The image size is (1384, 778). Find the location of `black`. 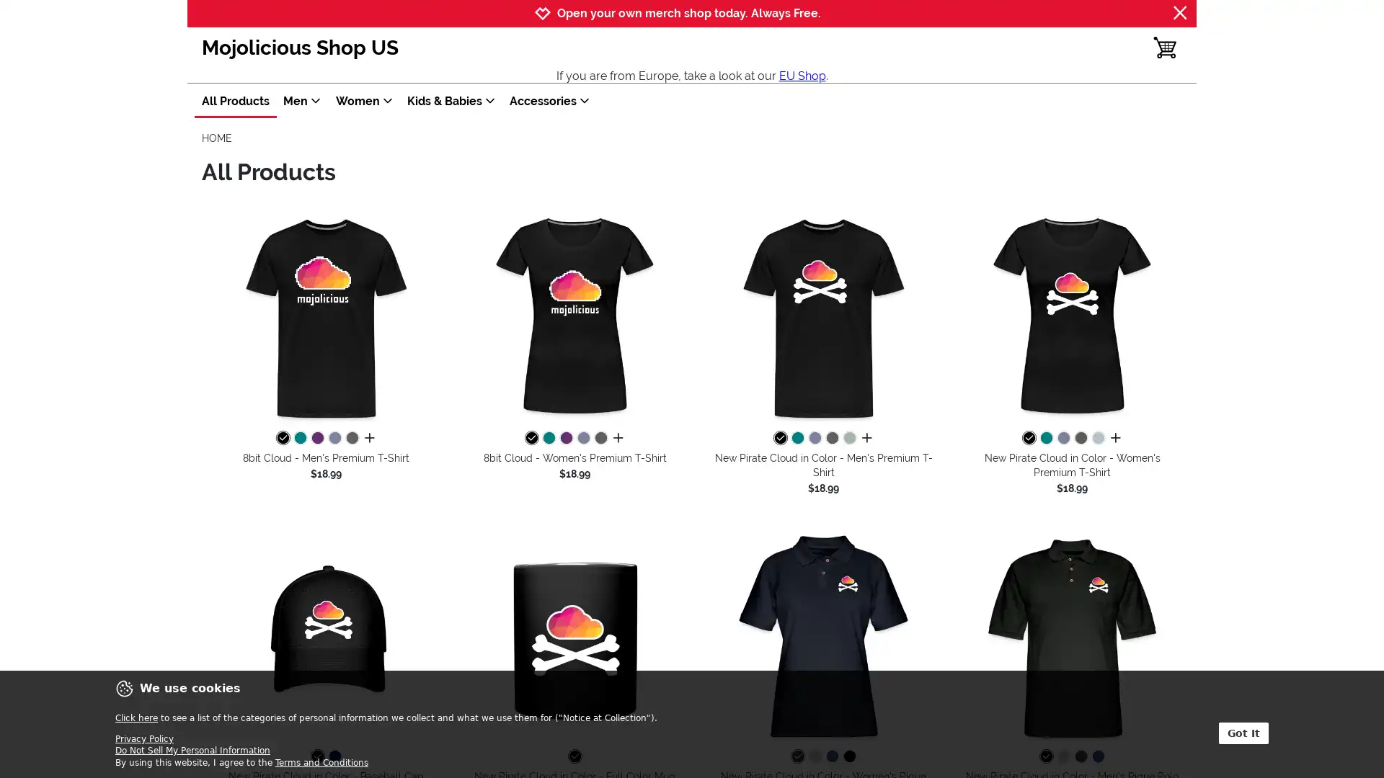

black is located at coordinates (848, 756).